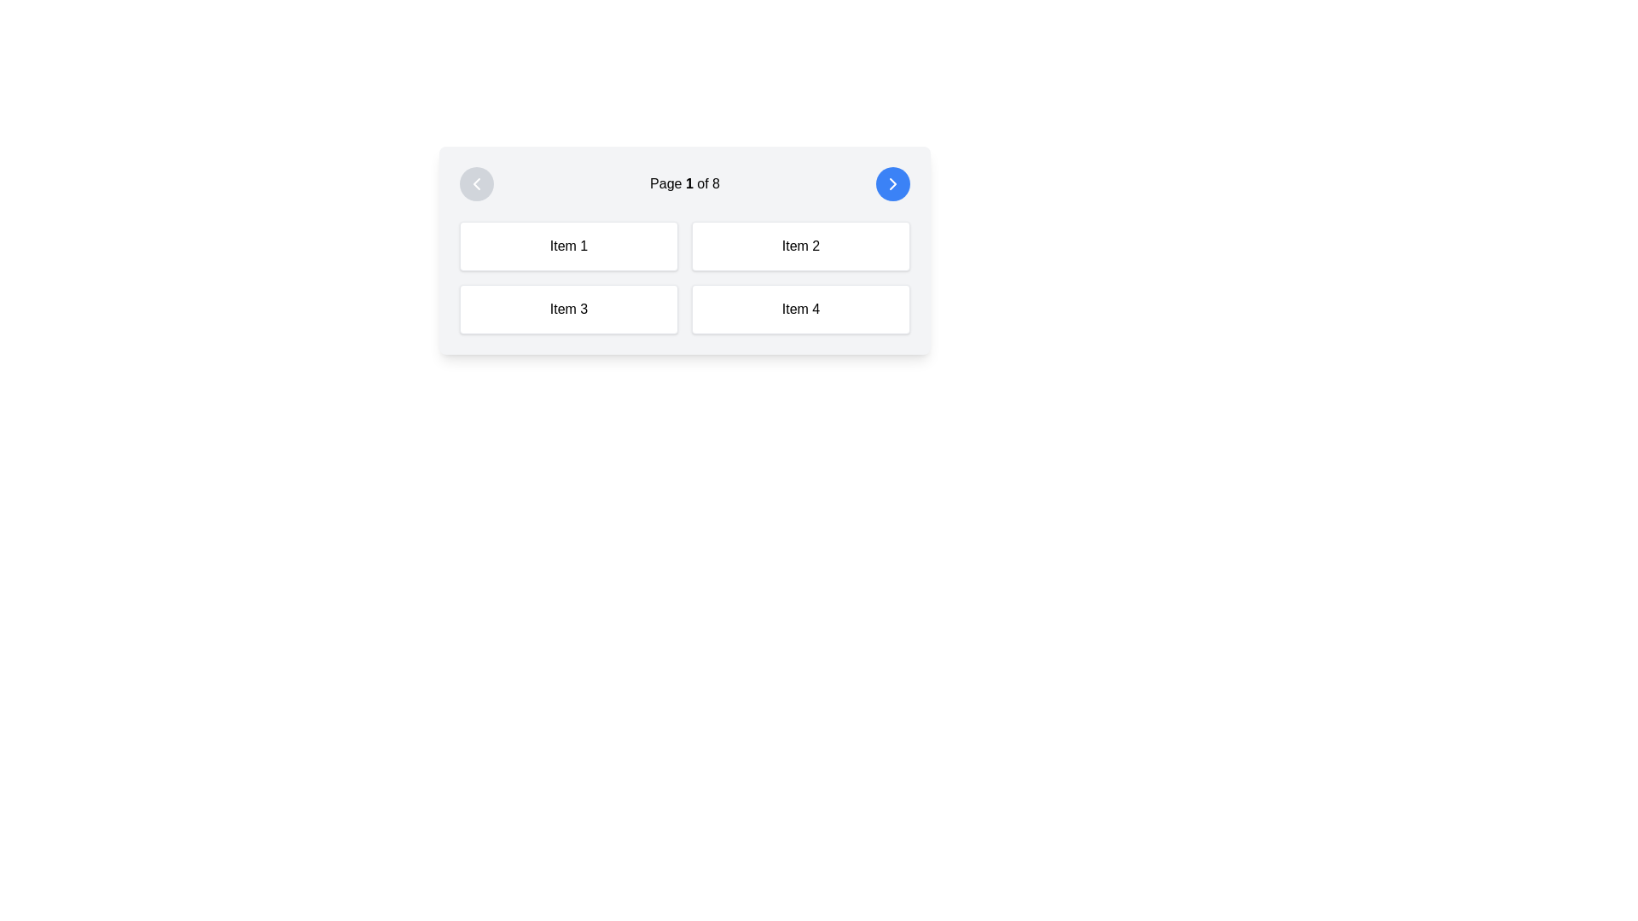 The image size is (1638, 921). What do you see at coordinates (800, 309) in the screenshot?
I see `the rectangular button labeled 'Item 4' located in the bottom-right corner of the grid` at bounding box center [800, 309].